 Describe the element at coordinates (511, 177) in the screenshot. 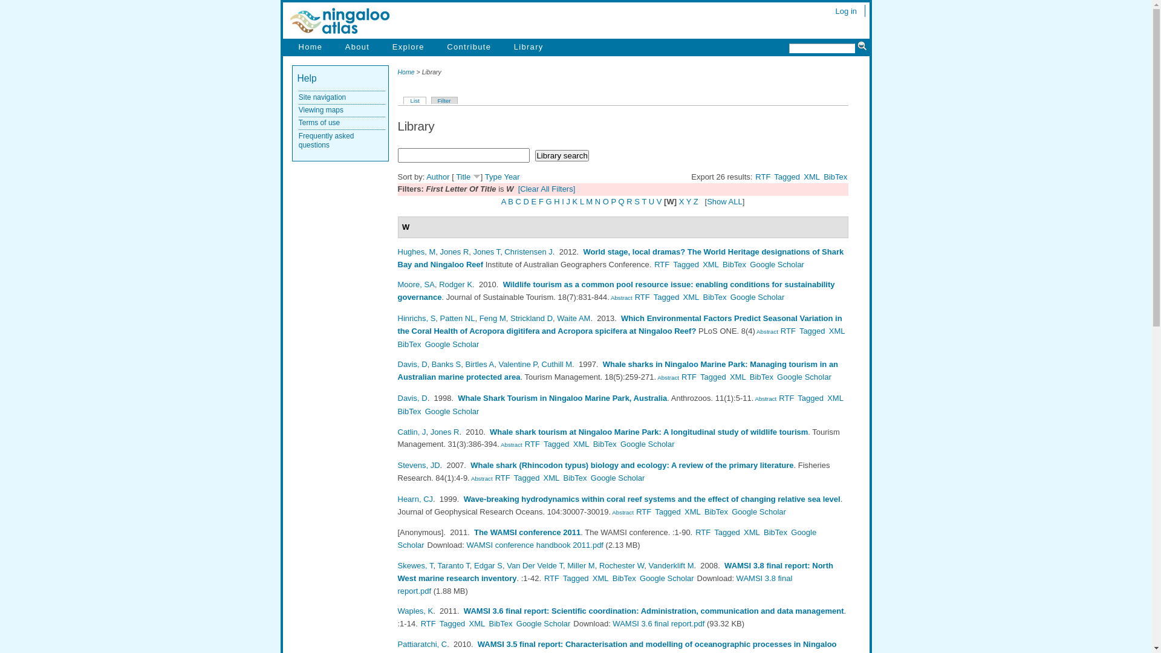

I see `'Year'` at that location.